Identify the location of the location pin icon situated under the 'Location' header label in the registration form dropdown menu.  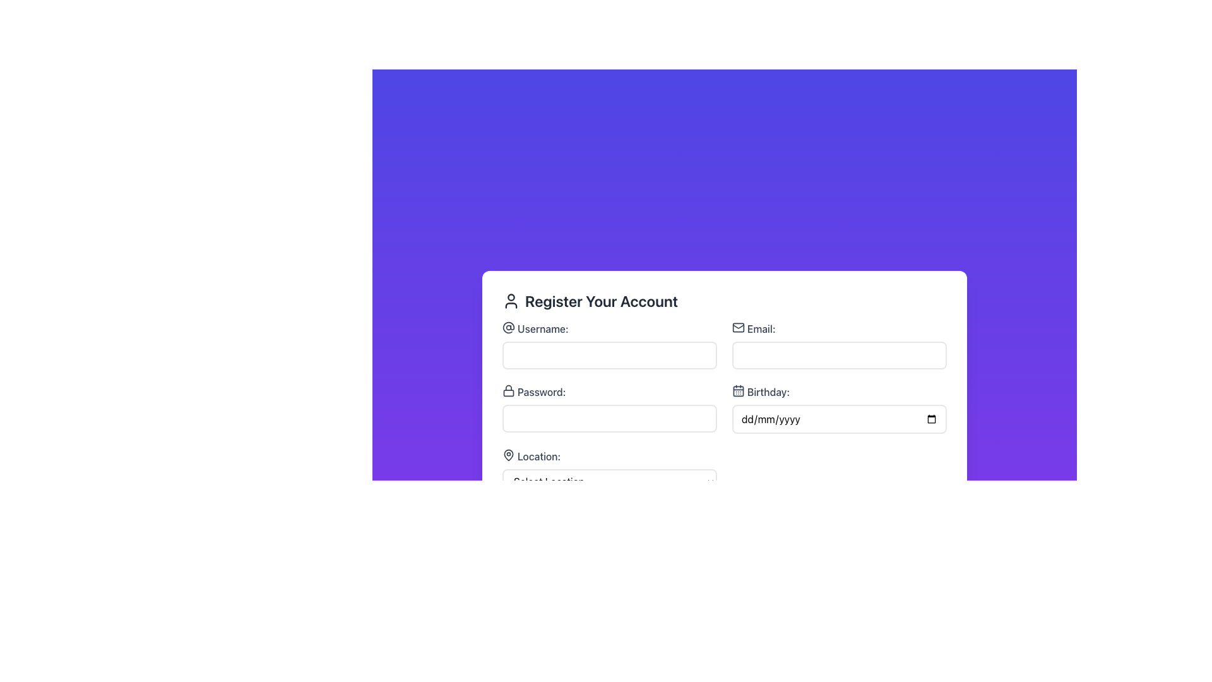
(509, 455).